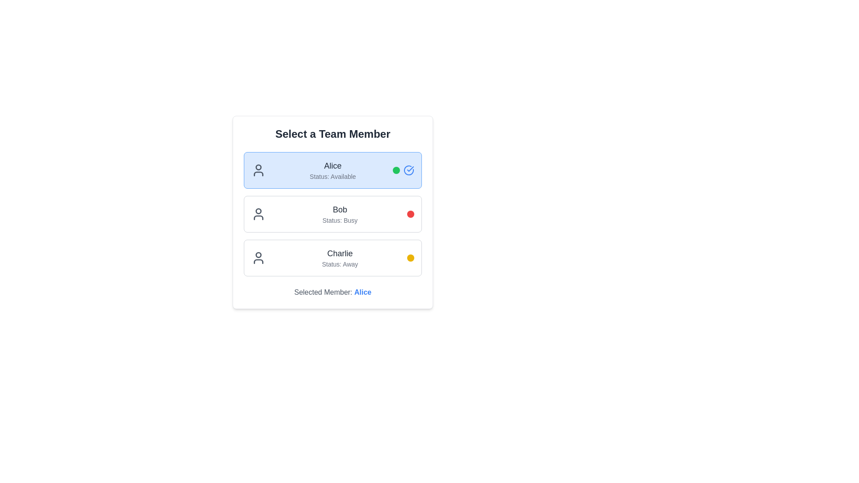 The height and width of the screenshot is (483, 859). Describe the element at coordinates (408, 170) in the screenshot. I see `the circular icon forming part of the check mark symbol in the SVG graphic located to the right of 'Alice' in the 'Select a Team Member' list` at that location.